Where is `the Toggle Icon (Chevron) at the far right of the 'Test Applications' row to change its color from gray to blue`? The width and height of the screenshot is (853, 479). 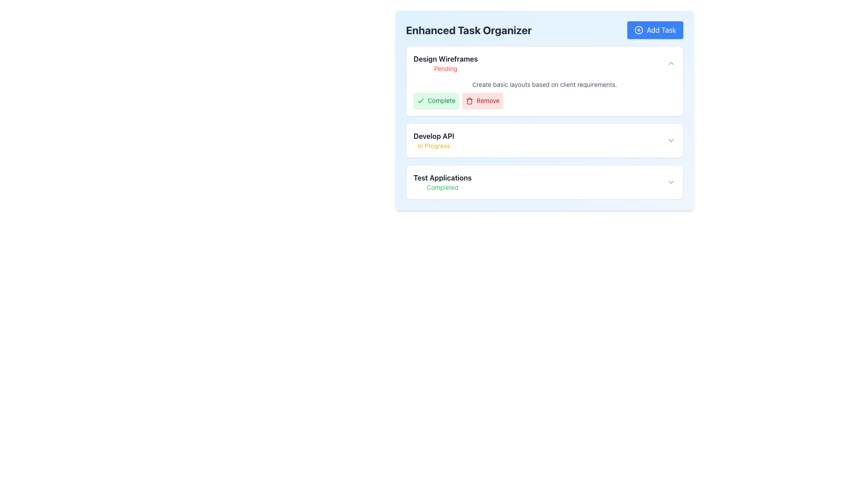 the Toggle Icon (Chevron) at the far right of the 'Test Applications' row to change its color from gray to blue is located at coordinates (671, 182).